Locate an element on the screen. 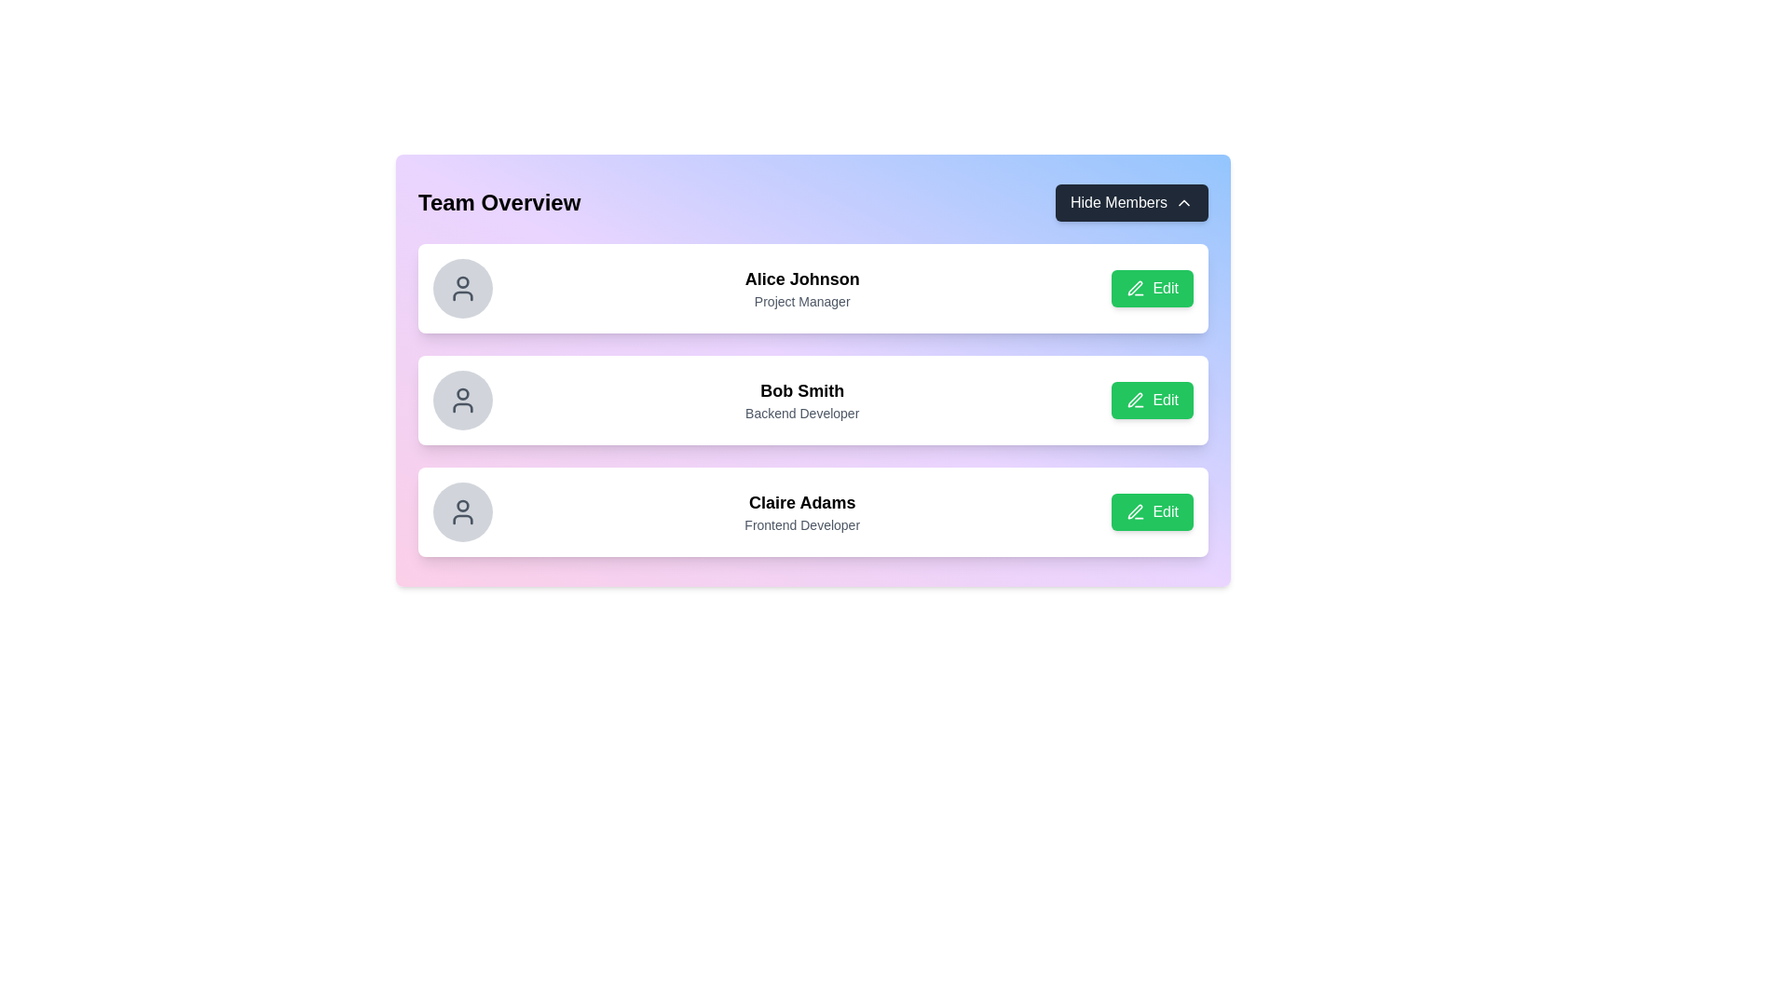  the user profile icon for 'Alice Johnson', which is located in the first row of the list and is centered in a circular light gray background is located at coordinates (463, 288).